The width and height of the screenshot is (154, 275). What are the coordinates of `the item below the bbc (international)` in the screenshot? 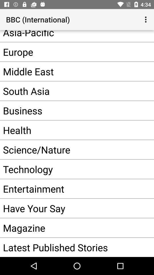 It's located at (68, 36).